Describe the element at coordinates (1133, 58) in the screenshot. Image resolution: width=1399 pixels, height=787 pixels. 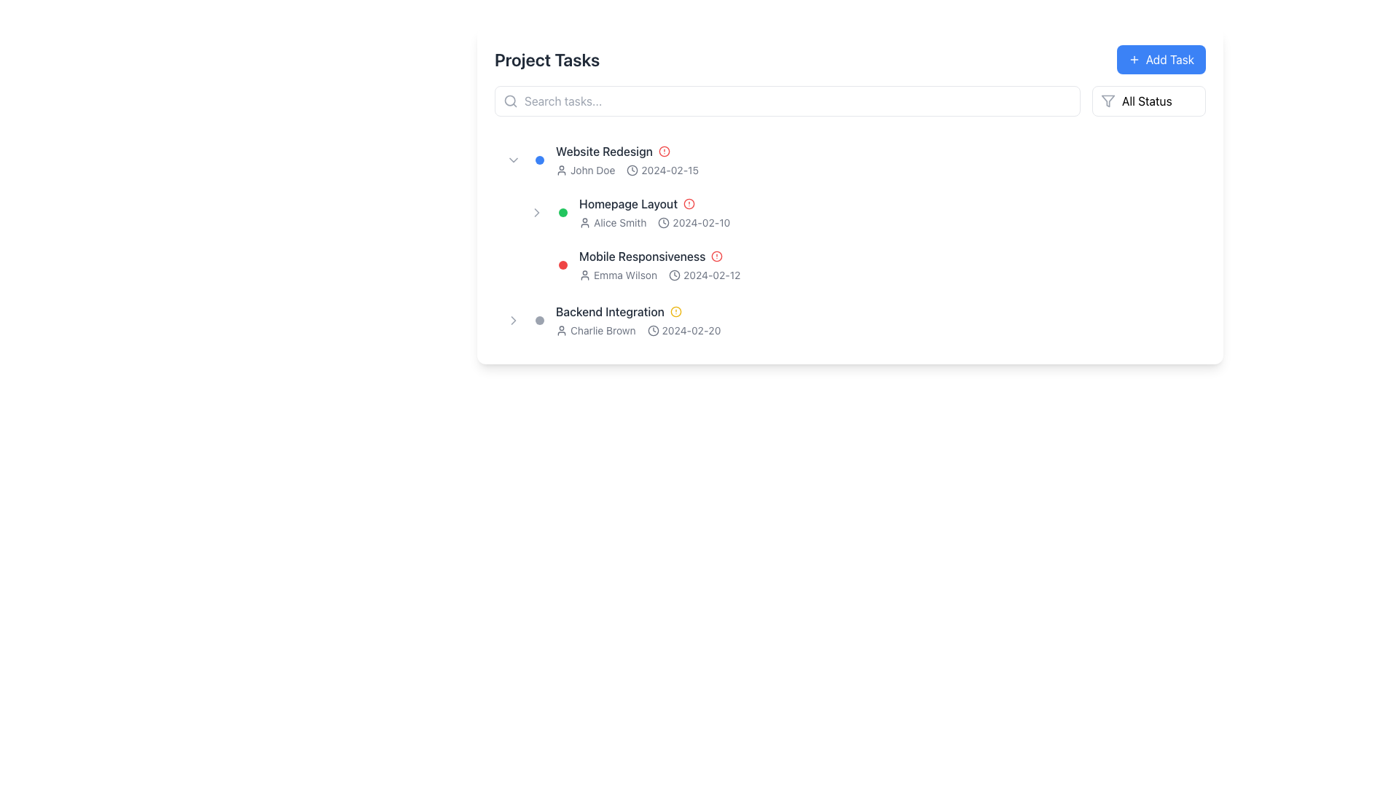
I see `the 'Add Task' icon represented by a plus sign within a blue rounded rectangular button to potentially display a tooltip` at that location.